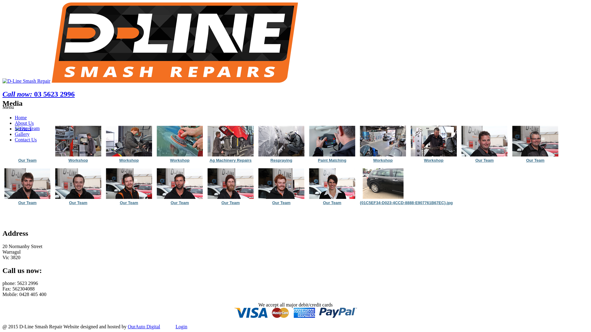 This screenshot has width=591, height=332. Describe the element at coordinates (23, 128) in the screenshot. I see `'Services'` at that location.